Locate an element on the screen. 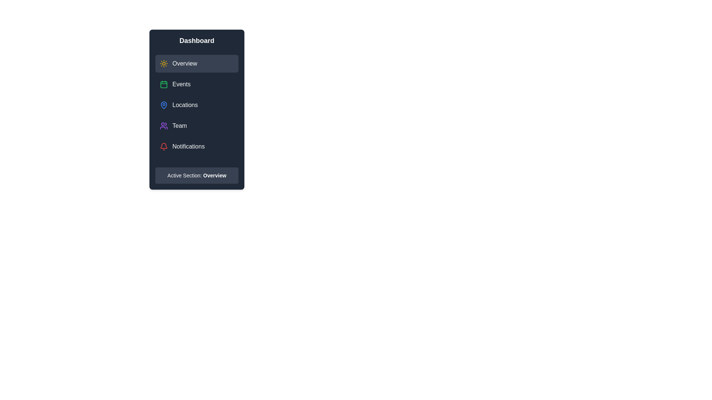 The height and width of the screenshot is (400, 712). the menu item Notifications to navigate to the corresponding section is located at coordinates (197, 147).